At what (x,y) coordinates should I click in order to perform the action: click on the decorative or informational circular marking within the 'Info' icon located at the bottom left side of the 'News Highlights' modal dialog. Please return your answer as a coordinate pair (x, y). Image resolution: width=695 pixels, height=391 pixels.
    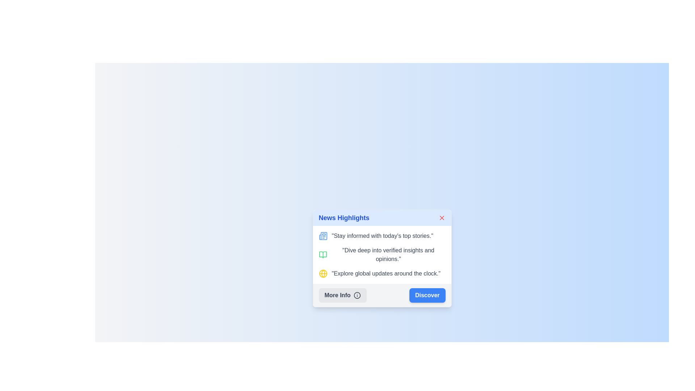
    Looking at the image, I should click on (357, 295).